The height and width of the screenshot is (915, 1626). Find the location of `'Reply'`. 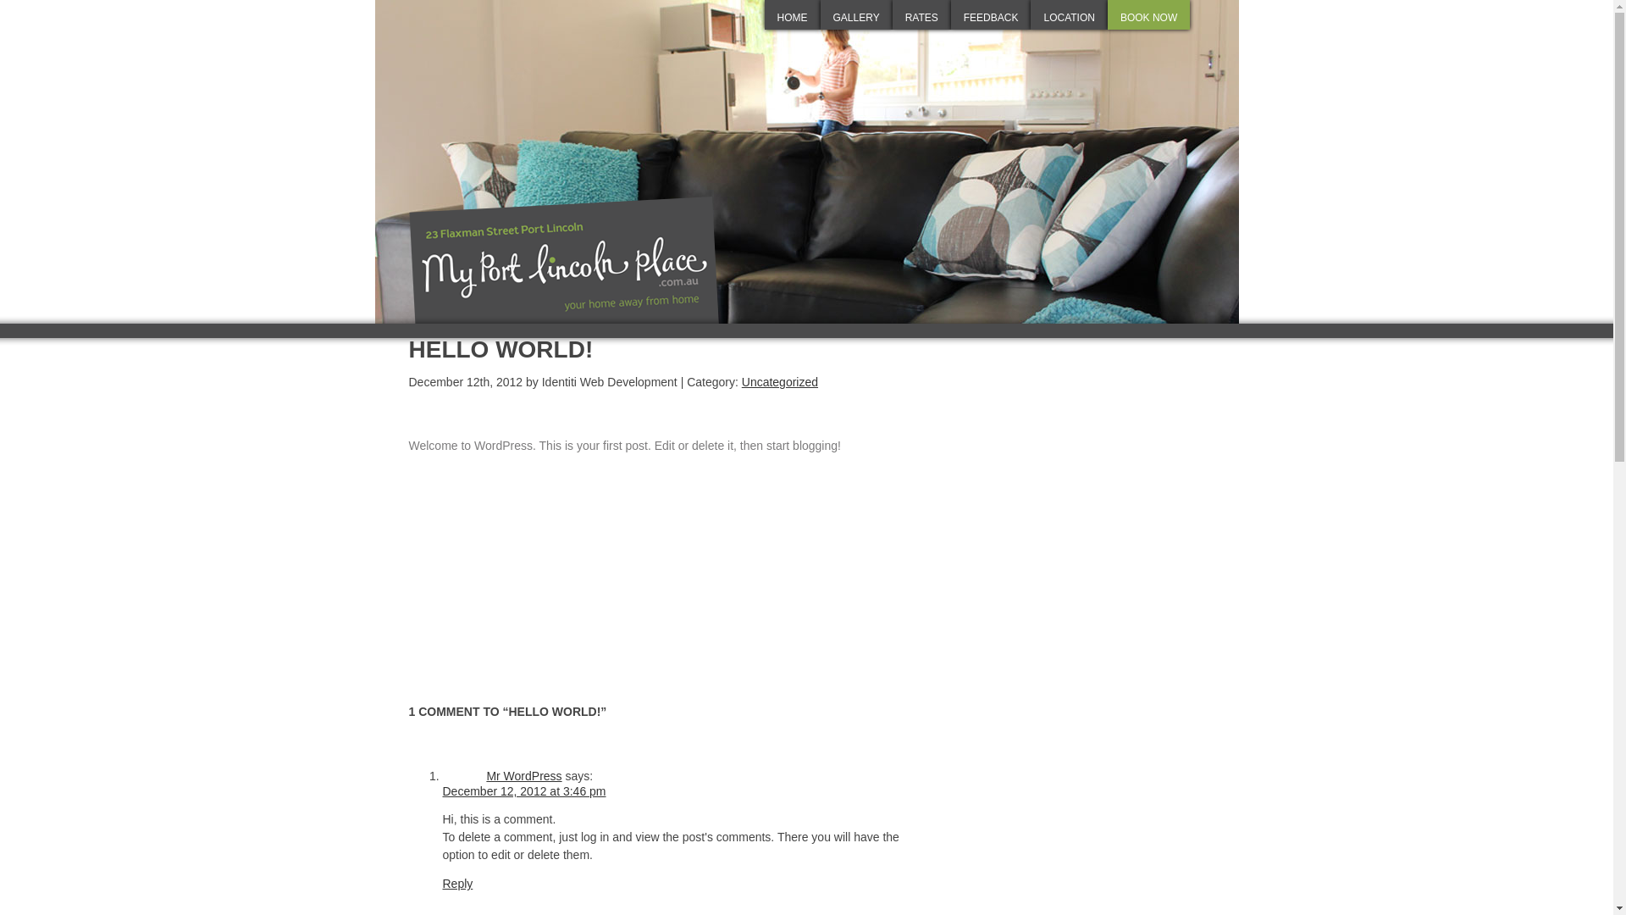

'Reply' is located at coordinates (456, 882).